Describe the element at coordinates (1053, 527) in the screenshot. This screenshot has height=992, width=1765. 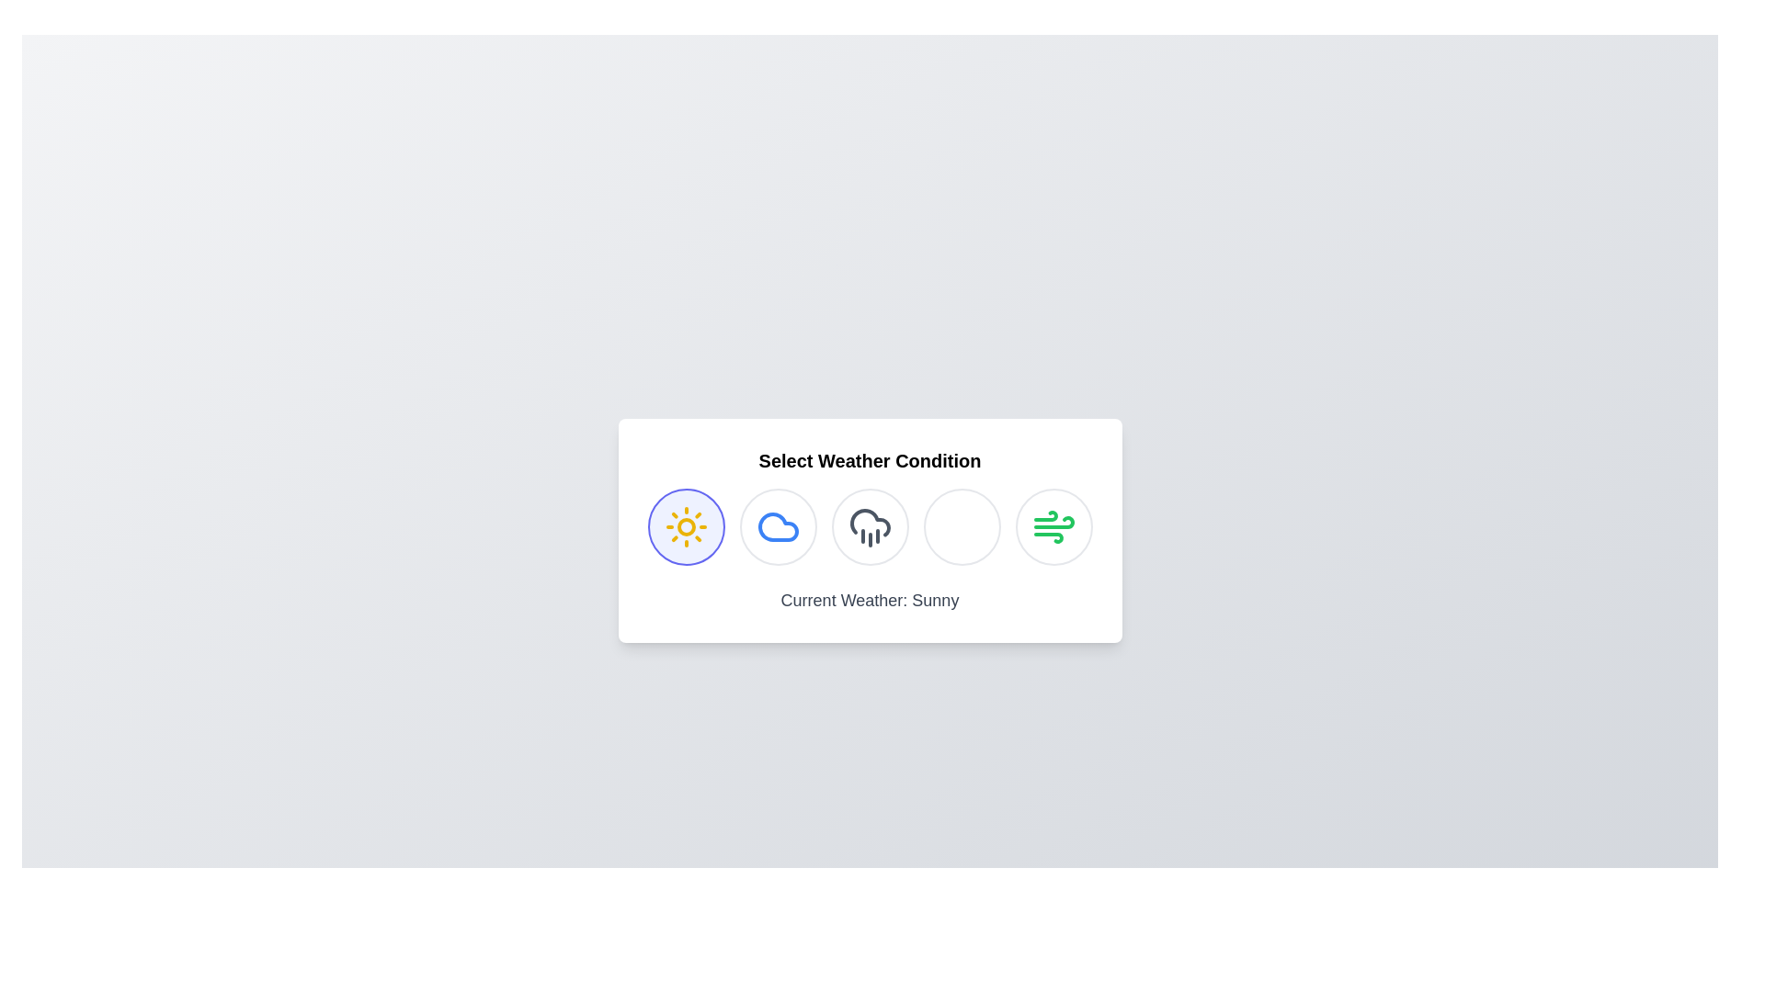
I see `the 'Windy' conditions button located at the far right of the weather condition selector interface by programmatically moving to it` at that location.